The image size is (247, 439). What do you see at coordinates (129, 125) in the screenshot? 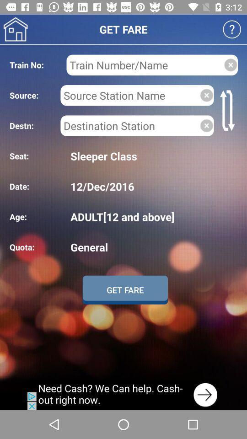
I see `destination location` at bounding box center [129, 125].